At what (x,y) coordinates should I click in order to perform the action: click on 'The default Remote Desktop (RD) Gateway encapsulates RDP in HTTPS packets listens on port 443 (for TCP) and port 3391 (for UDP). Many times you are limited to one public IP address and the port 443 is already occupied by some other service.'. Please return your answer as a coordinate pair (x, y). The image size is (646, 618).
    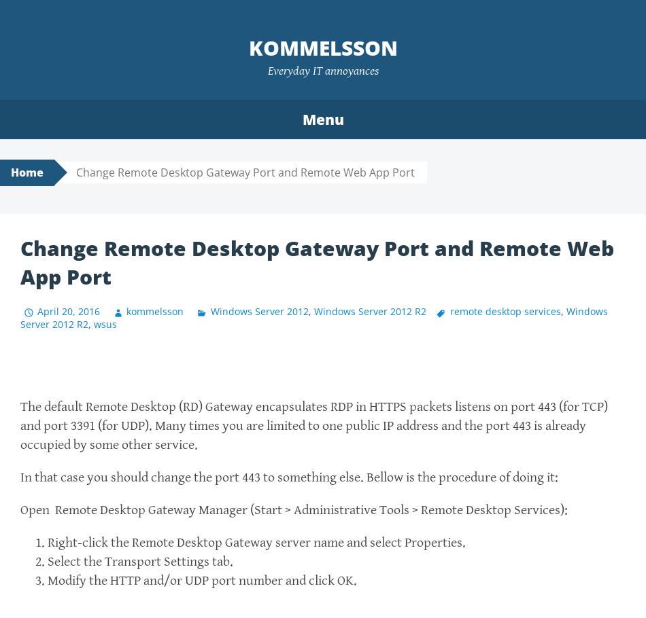
    Looking at the image, I should click on (20, 426).